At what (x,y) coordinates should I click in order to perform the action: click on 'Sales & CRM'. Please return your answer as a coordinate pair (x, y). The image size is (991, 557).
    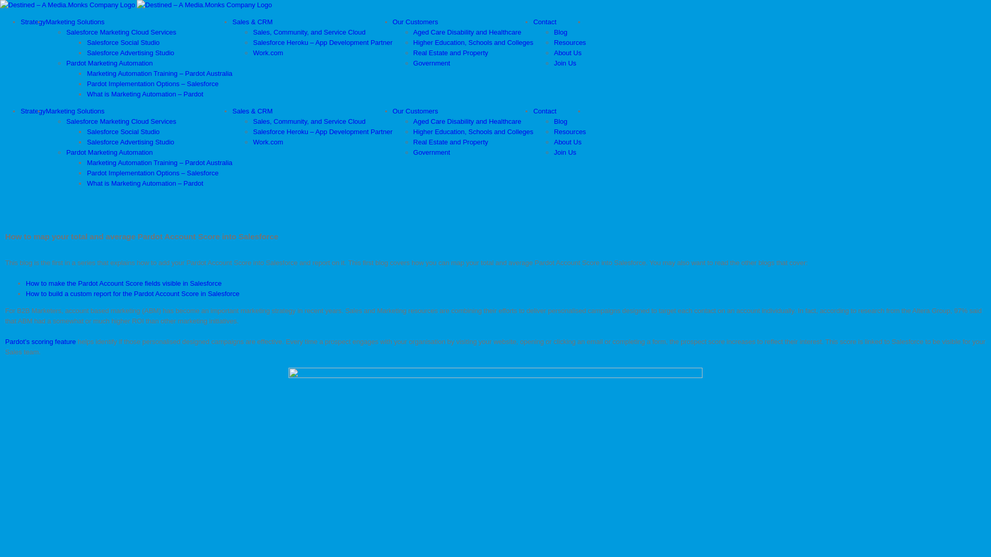
    Looking at the image, I should click on (252, 22).